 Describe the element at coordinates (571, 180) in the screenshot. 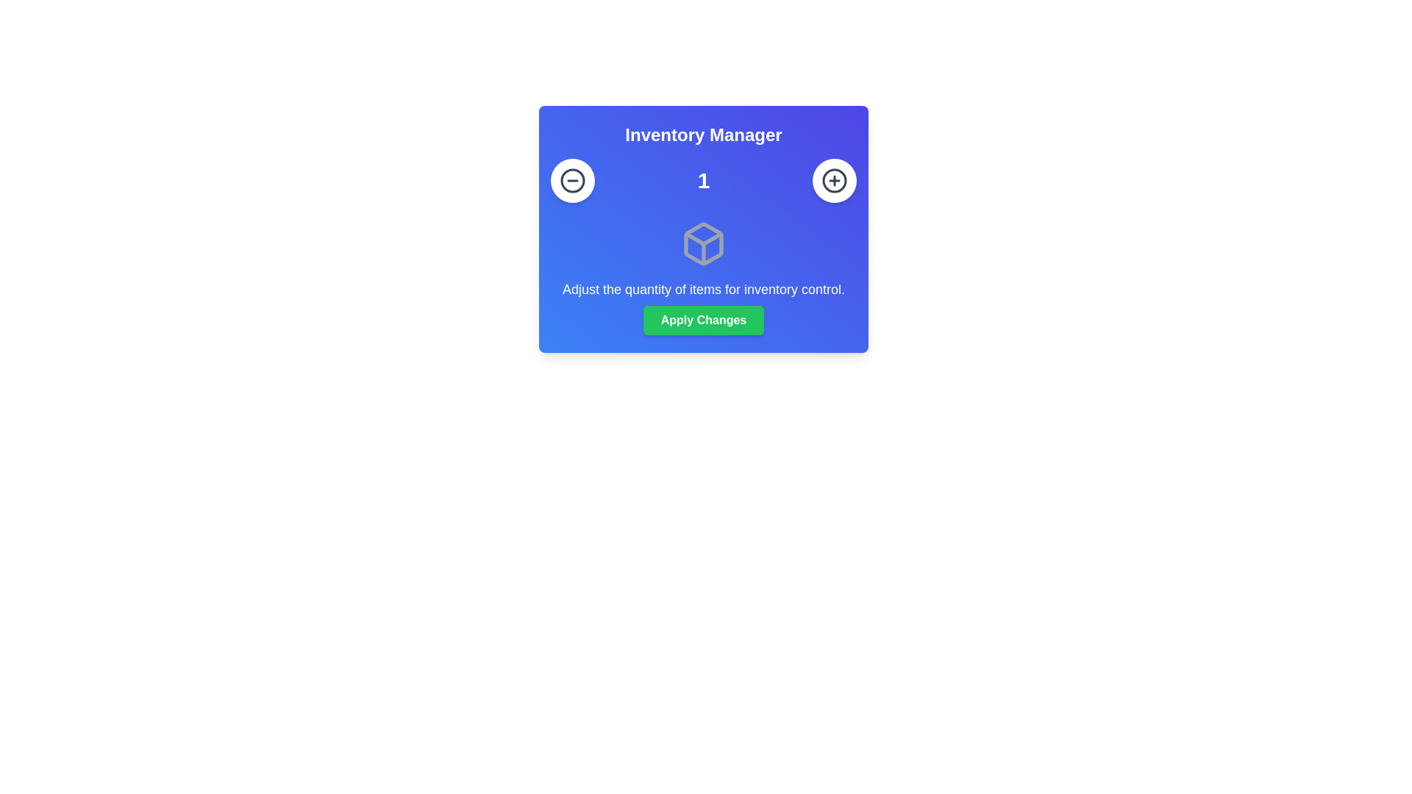

I see `the interactive button icon located at the top-left side of the rectangular card layout` at that location.